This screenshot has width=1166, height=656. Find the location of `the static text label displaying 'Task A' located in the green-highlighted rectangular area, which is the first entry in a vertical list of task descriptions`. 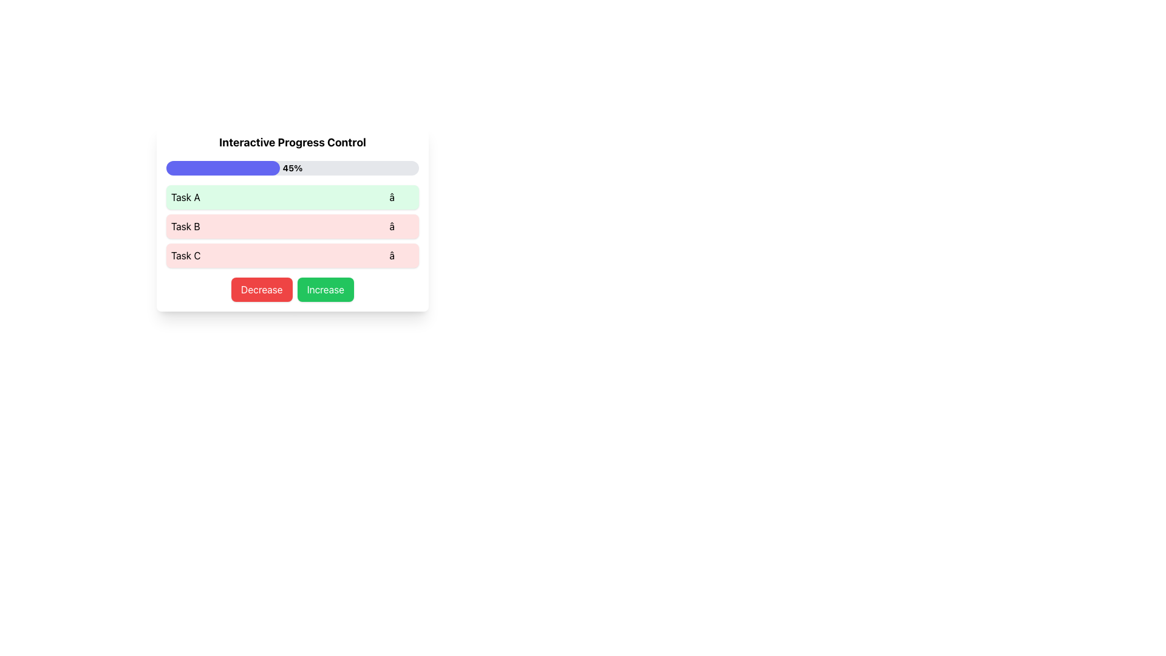

the static text label displaying 'Task A' located in the green-highlighted rectangular area, which is the first entry in a vertical list of task descriptions is located at coordinates (185, 196).